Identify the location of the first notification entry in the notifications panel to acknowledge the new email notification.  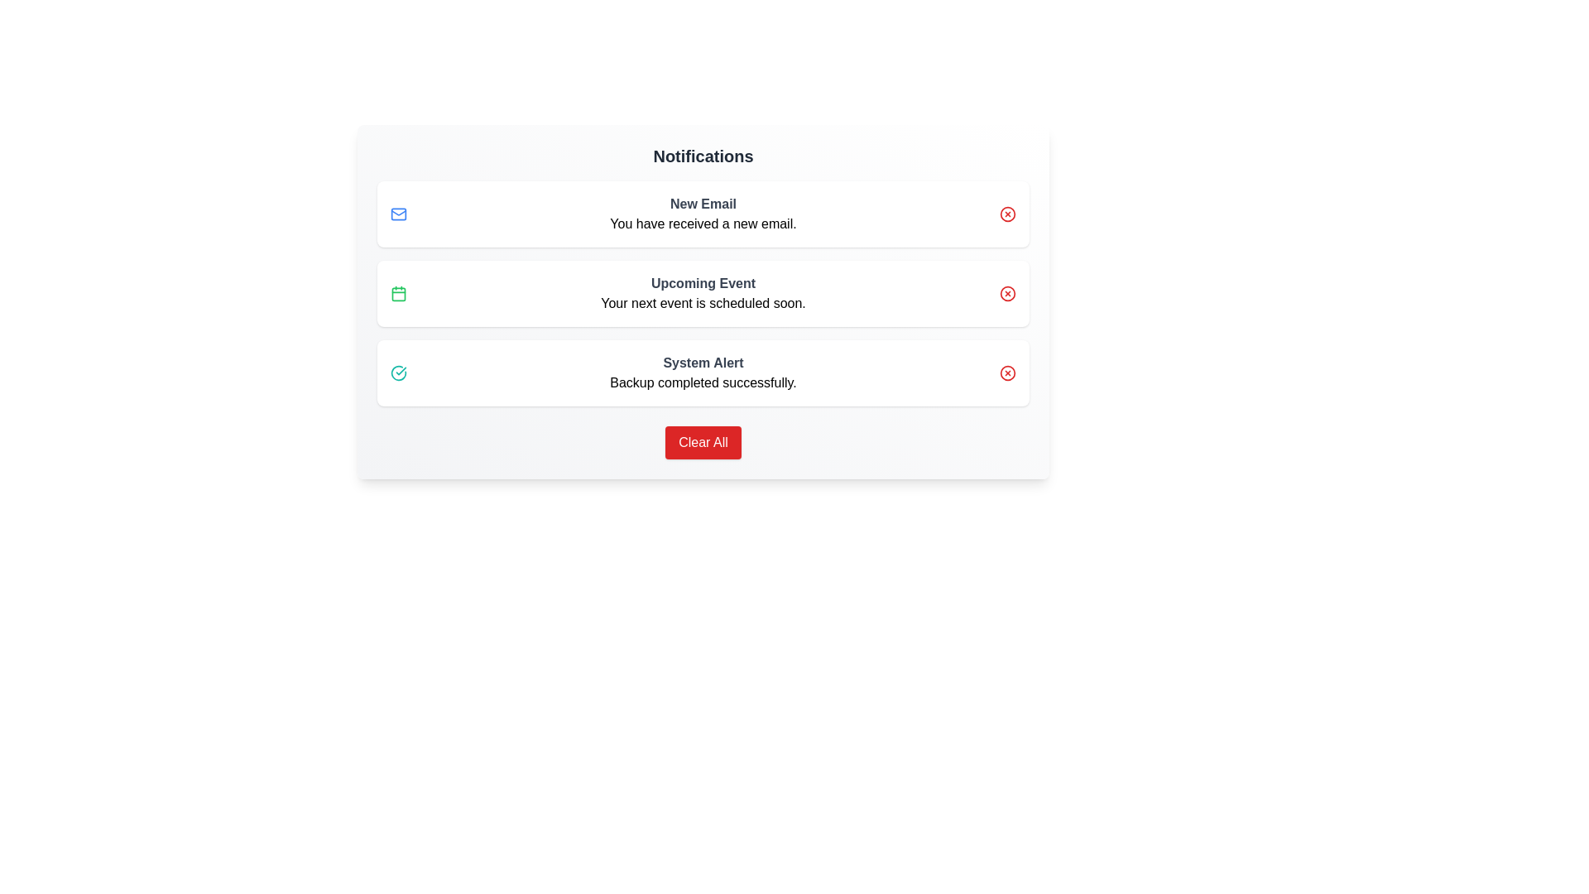
(703, 213).